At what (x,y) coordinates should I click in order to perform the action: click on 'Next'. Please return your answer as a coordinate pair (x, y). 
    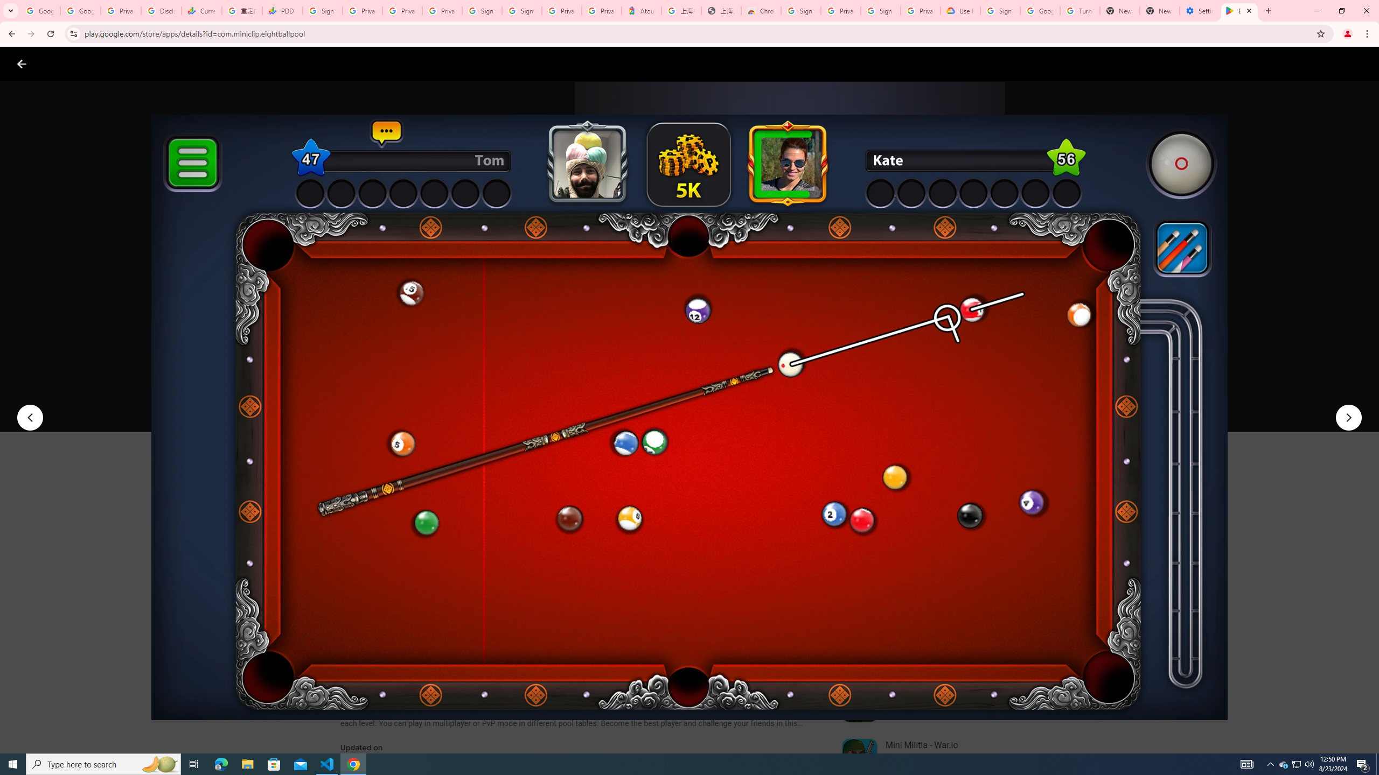
    Looking at the image, I should click on (1348, 417).